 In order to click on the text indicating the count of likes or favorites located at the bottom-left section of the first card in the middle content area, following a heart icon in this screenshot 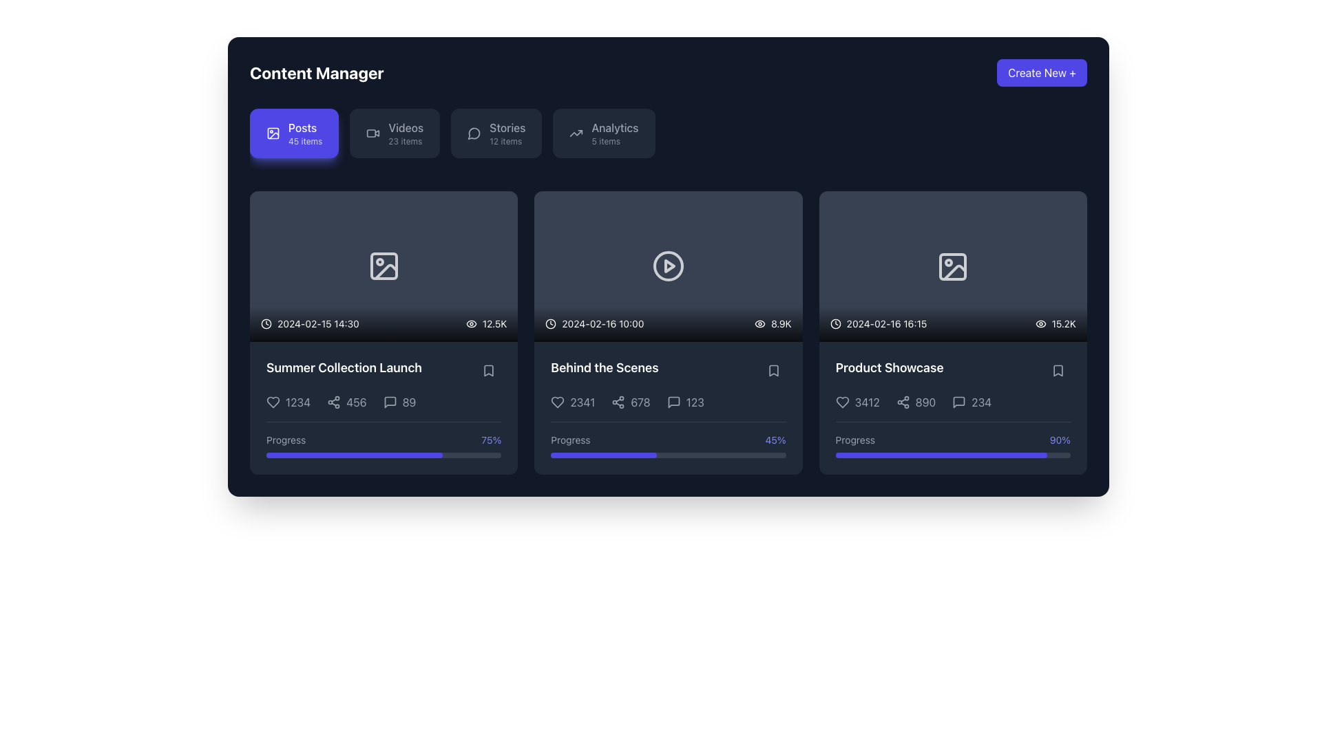, I will do `click(288, 402)`.